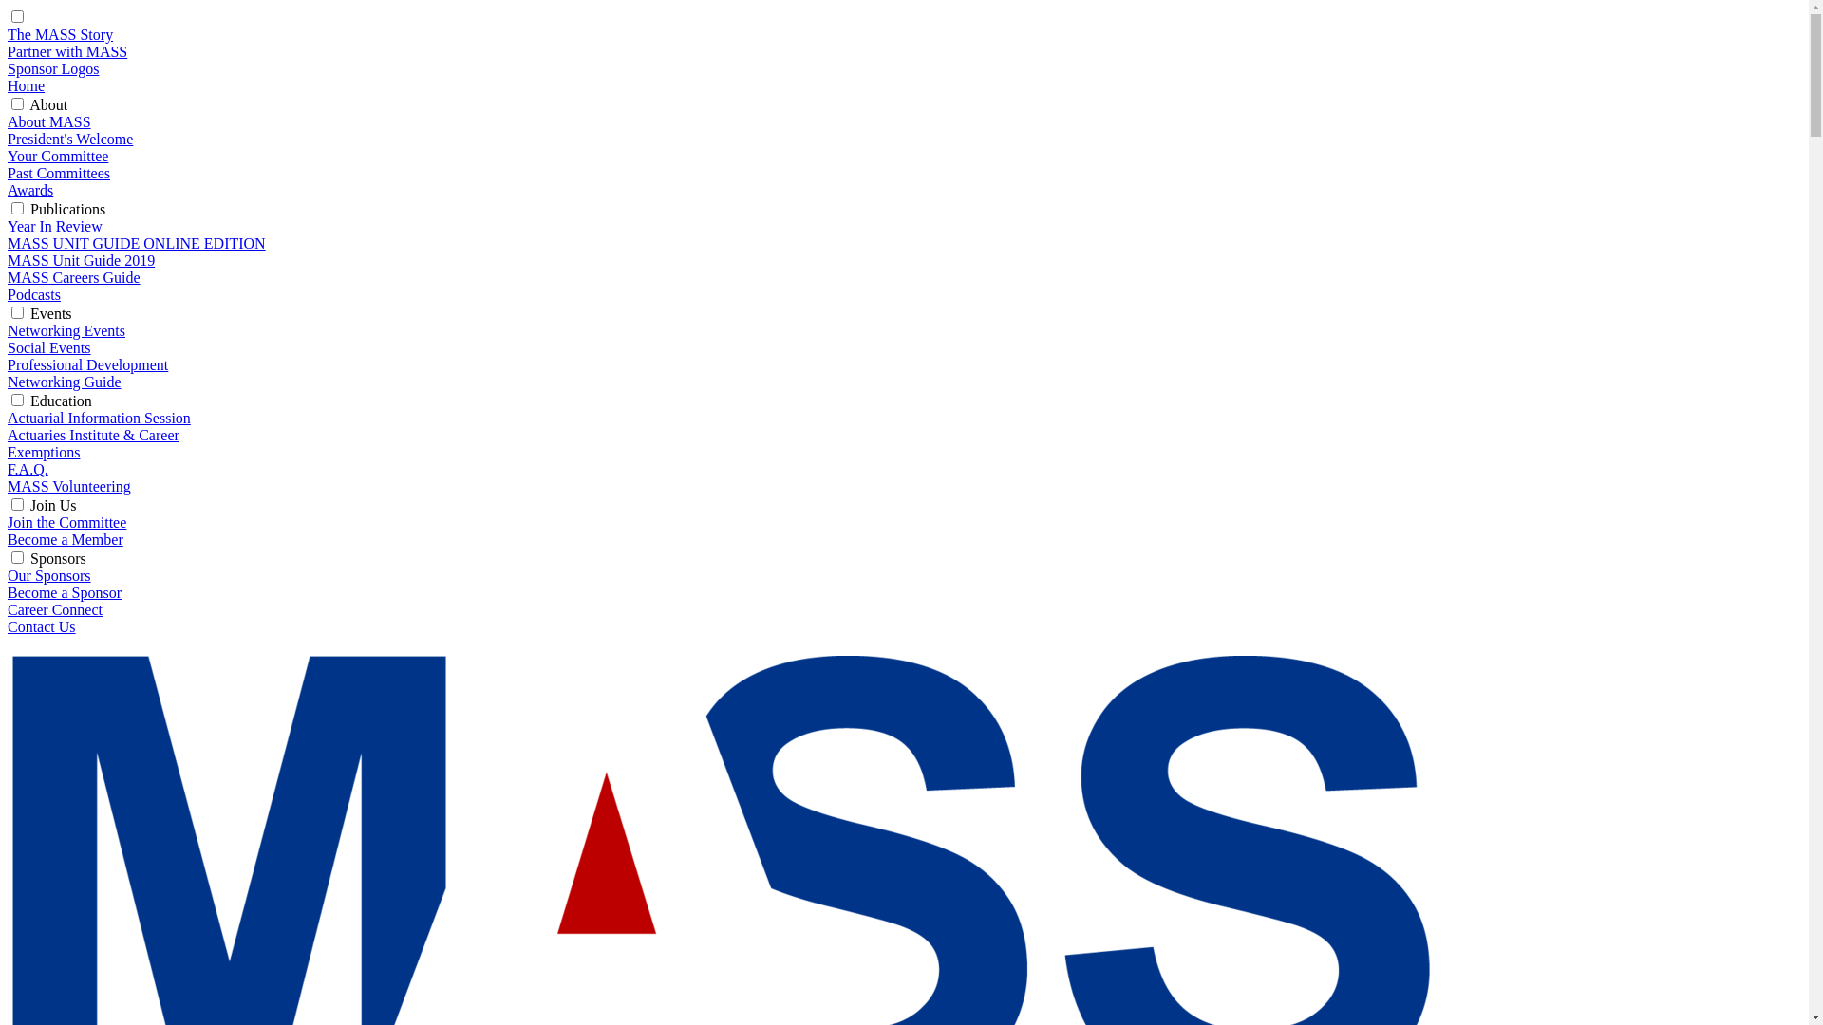 This screenshot has height=1025, width=1823. What do you see at coordinates (53, 67) in the screenshot?
I see `'Sponsor Logos'` at bounding box center [53, 67].